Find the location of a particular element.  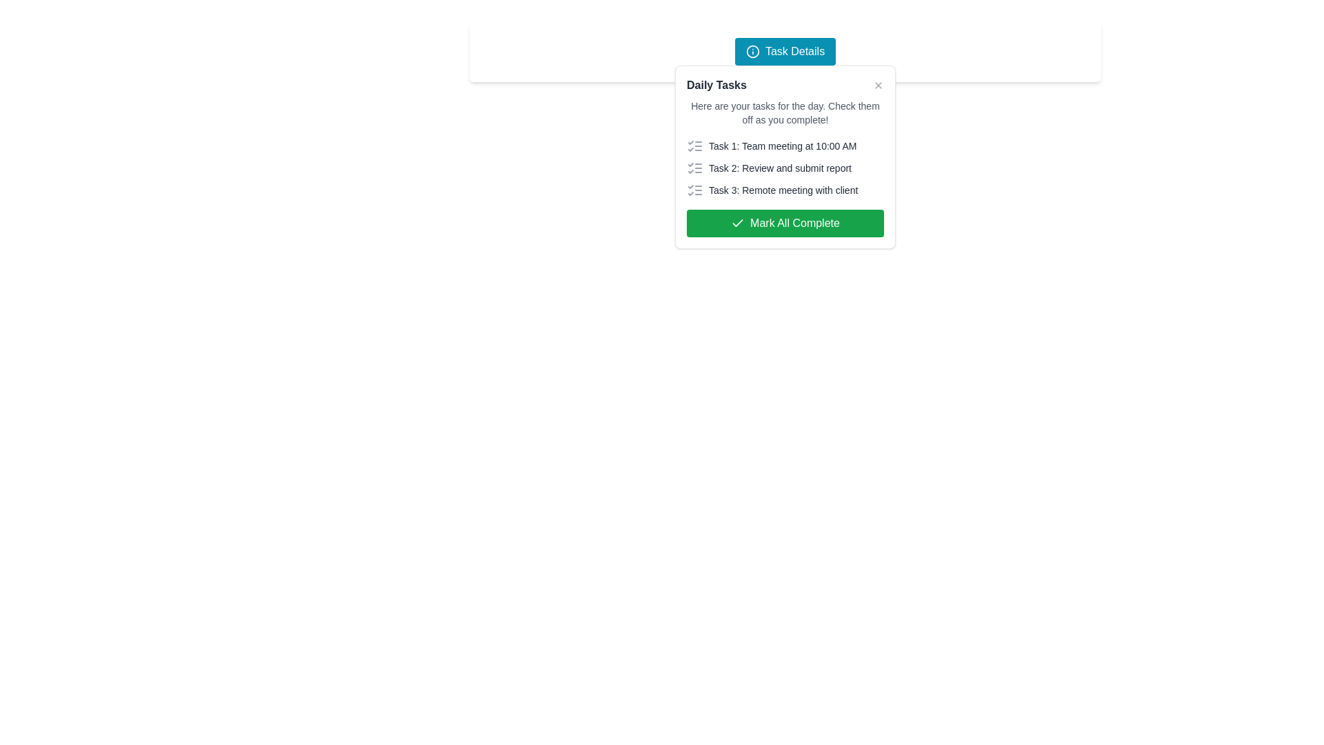

the button that marks all listed tasks as completed, located at the bottom of the popup panel for daily tasks is located at coordinates (785, 223).